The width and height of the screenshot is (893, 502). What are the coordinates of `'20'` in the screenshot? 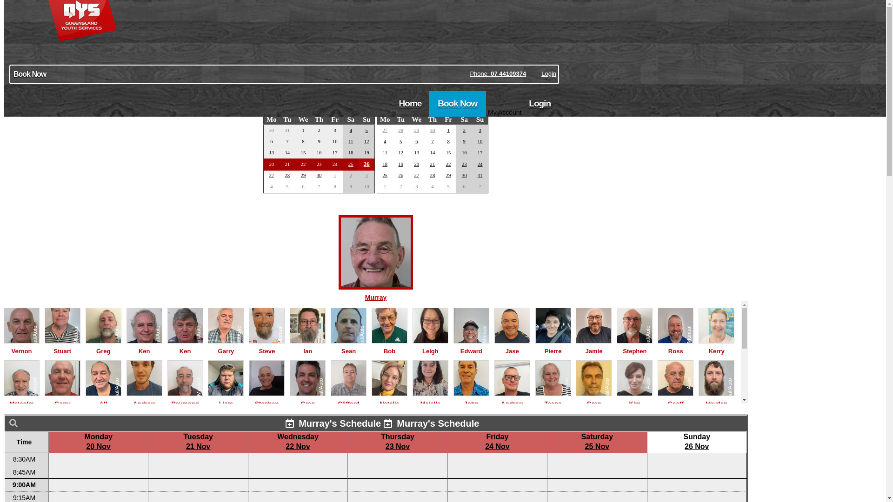 It's located at (416, 164).